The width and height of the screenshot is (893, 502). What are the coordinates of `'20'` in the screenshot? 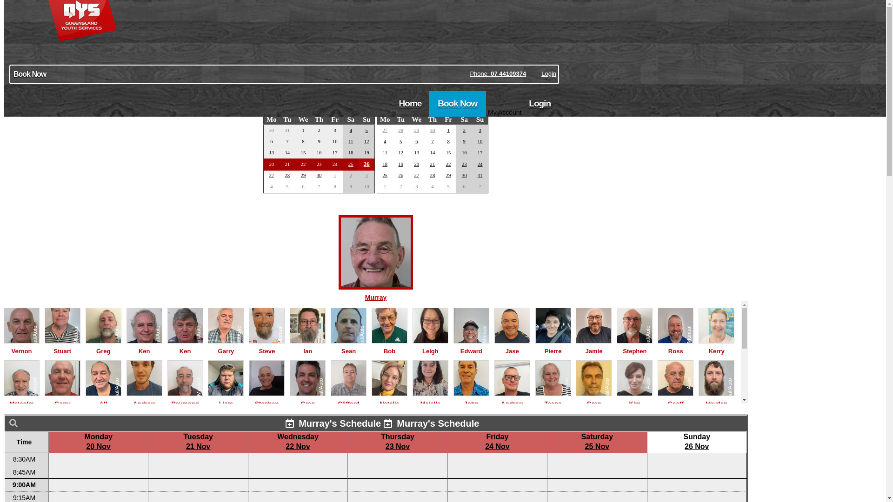 It's located at (416, 164).